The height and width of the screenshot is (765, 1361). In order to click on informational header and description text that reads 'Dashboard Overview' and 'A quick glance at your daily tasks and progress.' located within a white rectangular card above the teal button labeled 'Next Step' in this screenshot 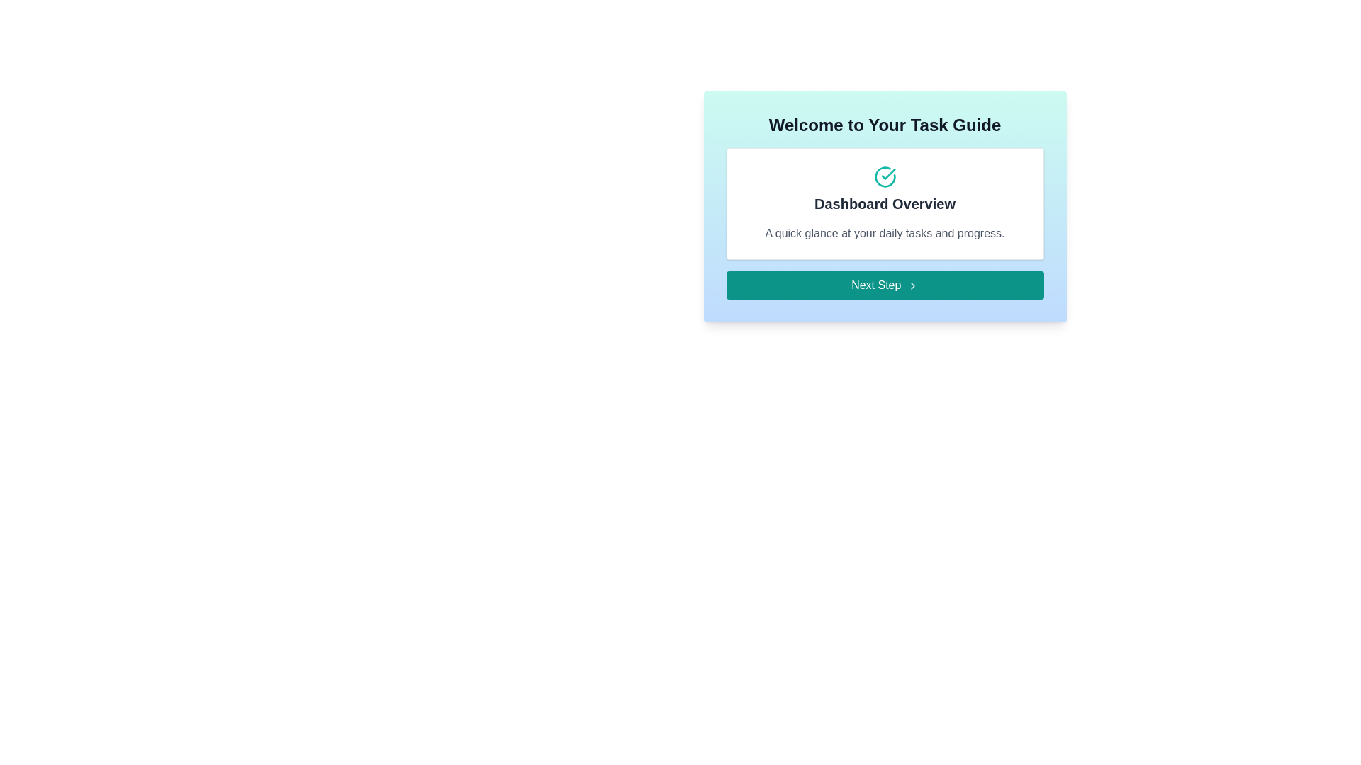, I will do `click(884, 204)`.